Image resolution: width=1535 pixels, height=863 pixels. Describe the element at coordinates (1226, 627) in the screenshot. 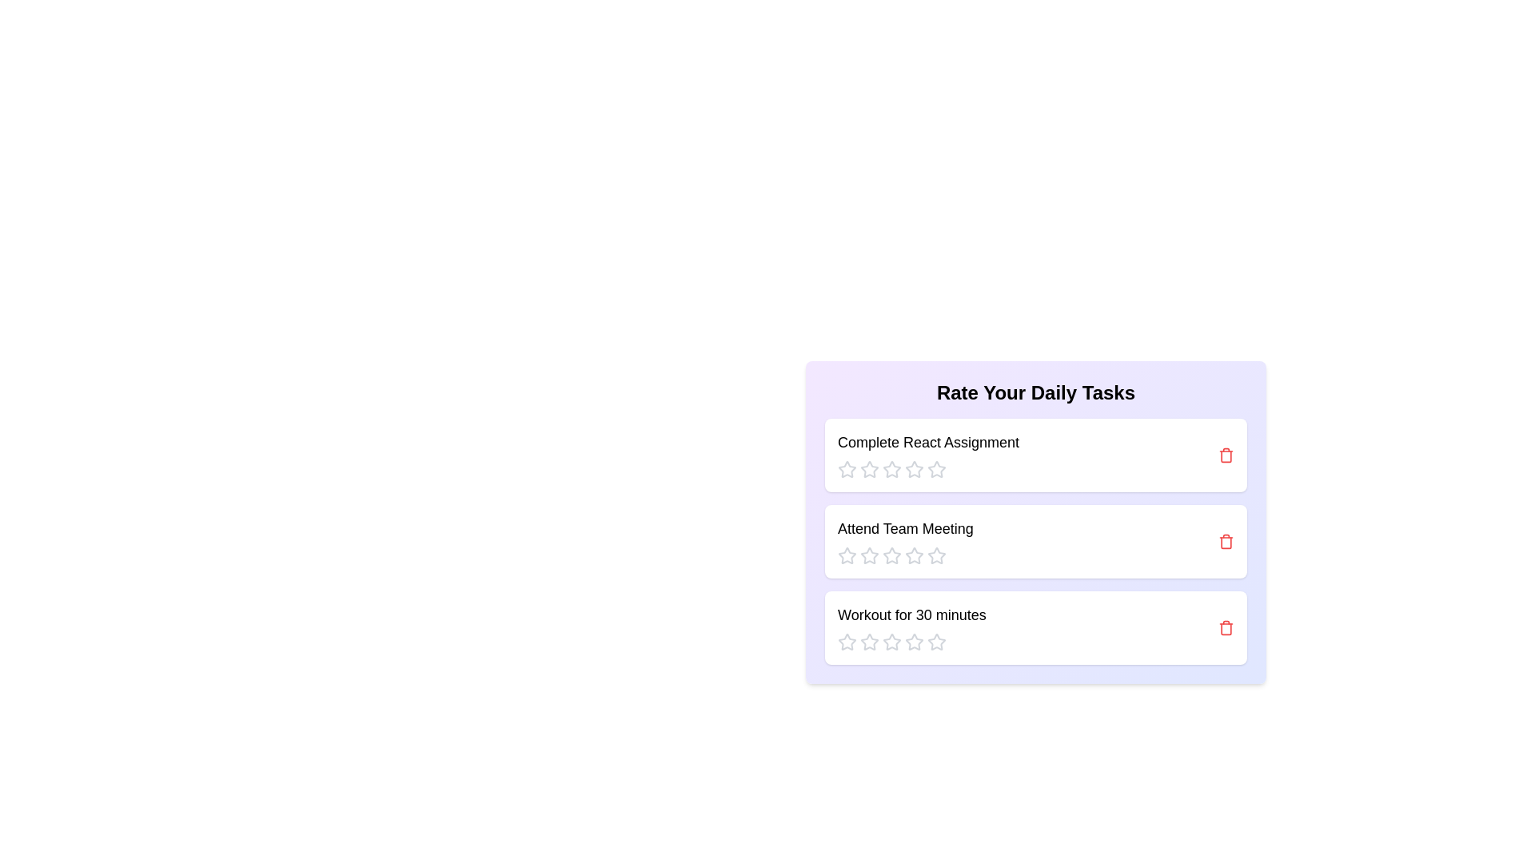

I see `trash icon to remove the task Workout for 30 minutes` at that location.